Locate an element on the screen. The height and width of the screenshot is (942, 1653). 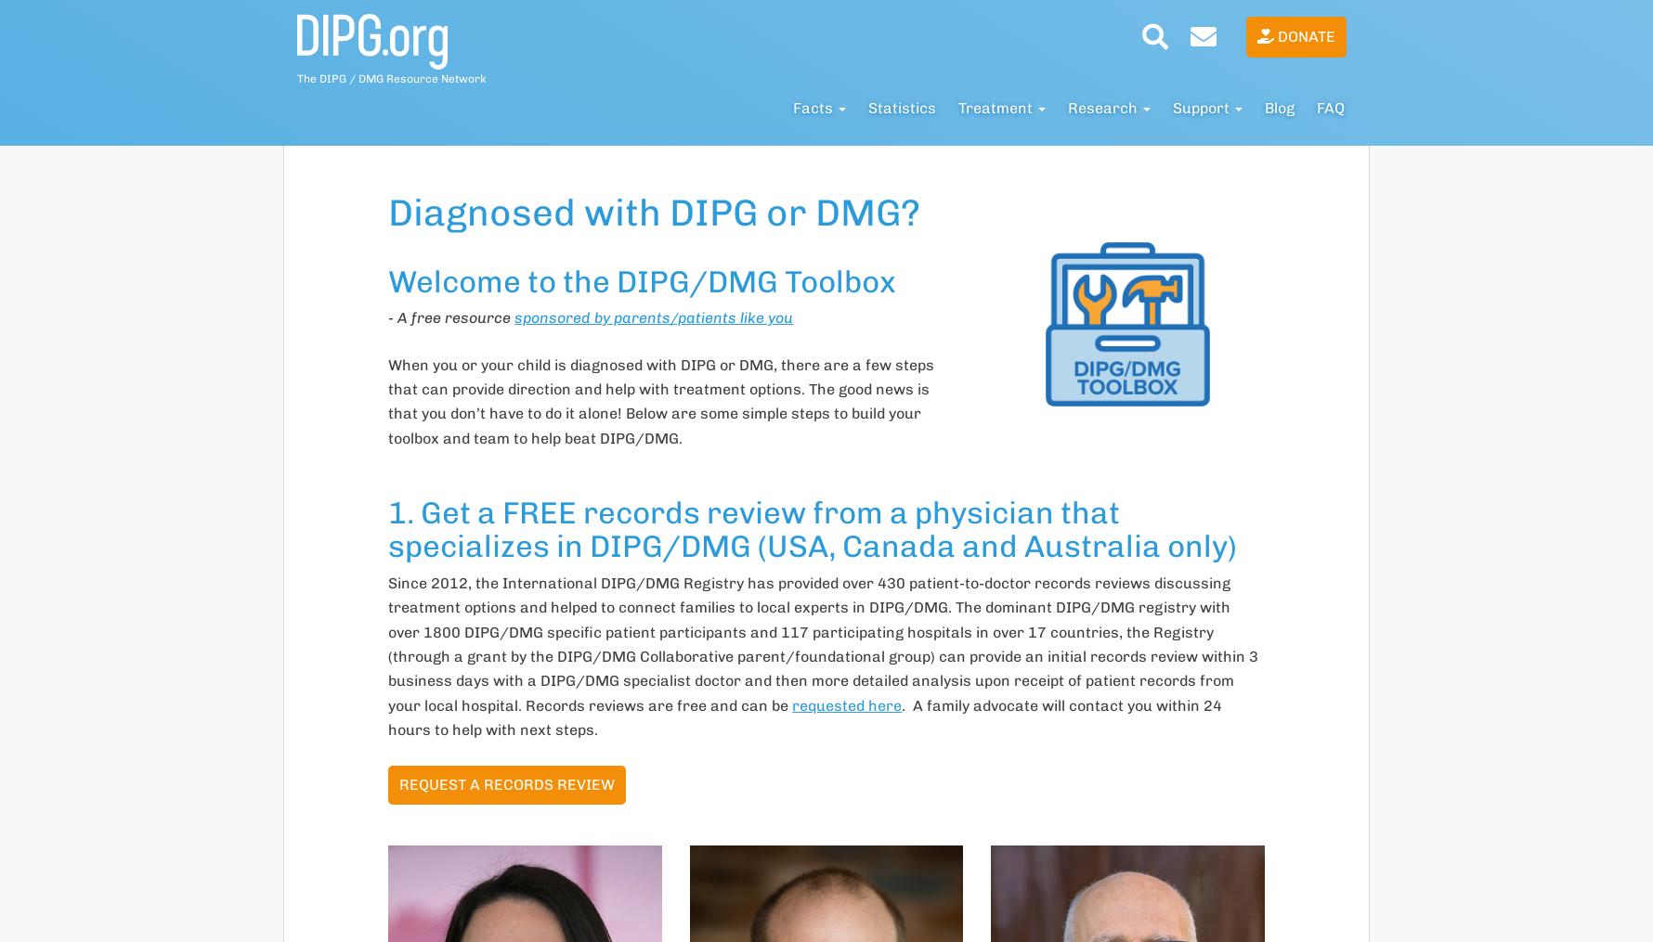
'Research' is located at coordinates (1104, 108).